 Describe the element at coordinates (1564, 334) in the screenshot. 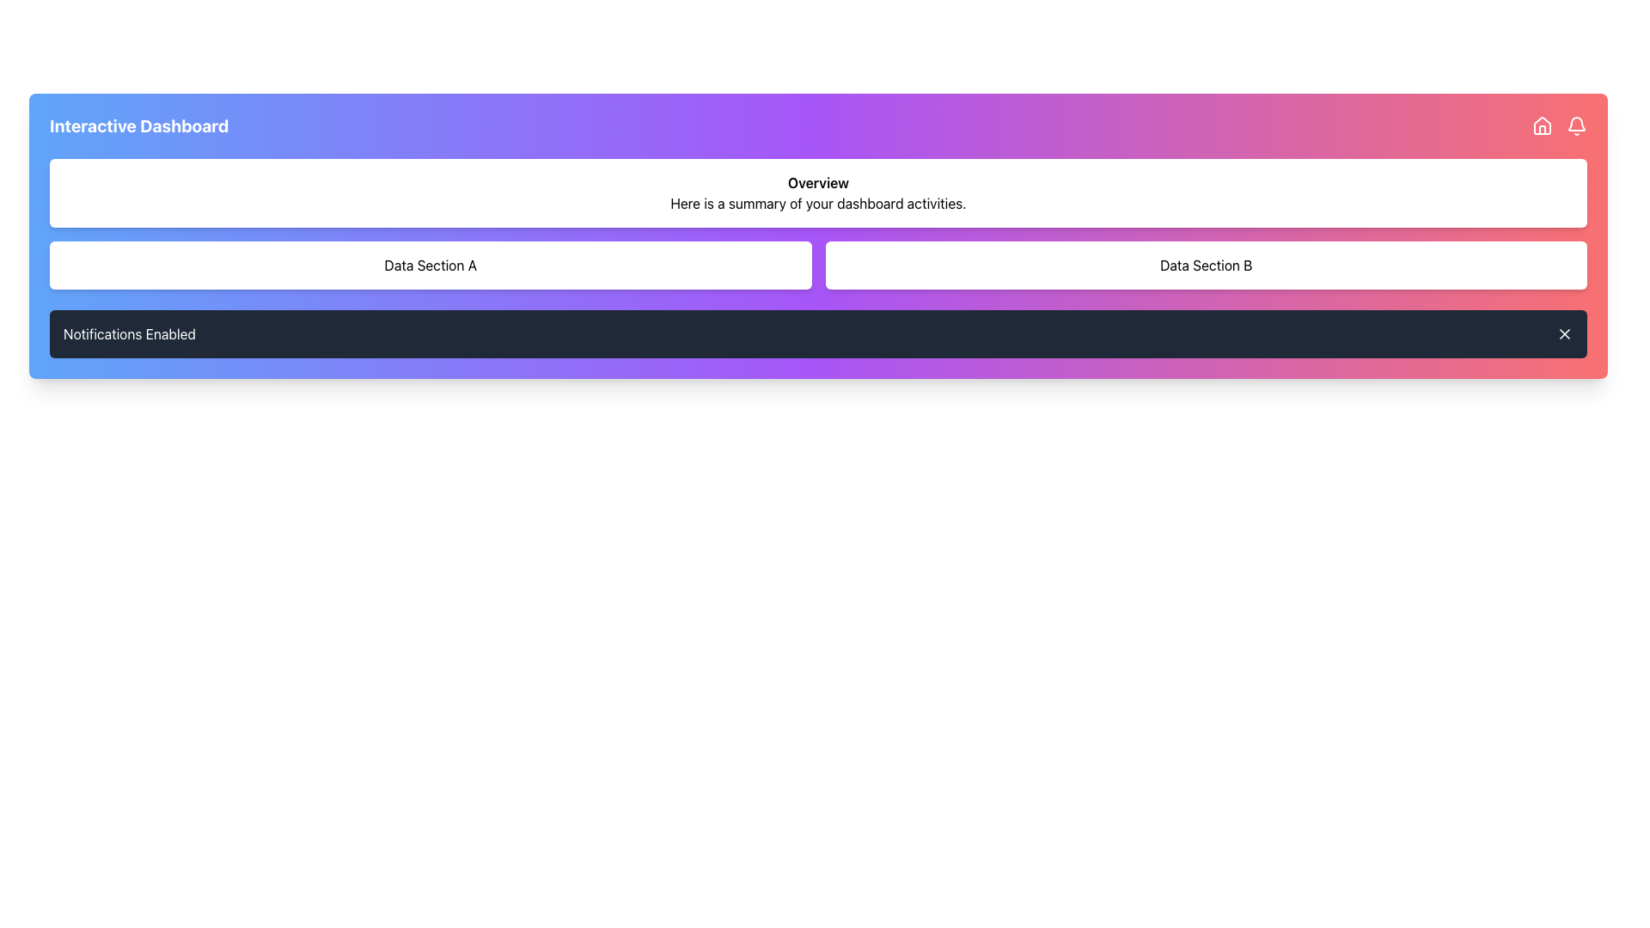

I see `the close ('X') button with a thin white outline on the dark bar indicating 'Notifications Enabled.'` at that location.